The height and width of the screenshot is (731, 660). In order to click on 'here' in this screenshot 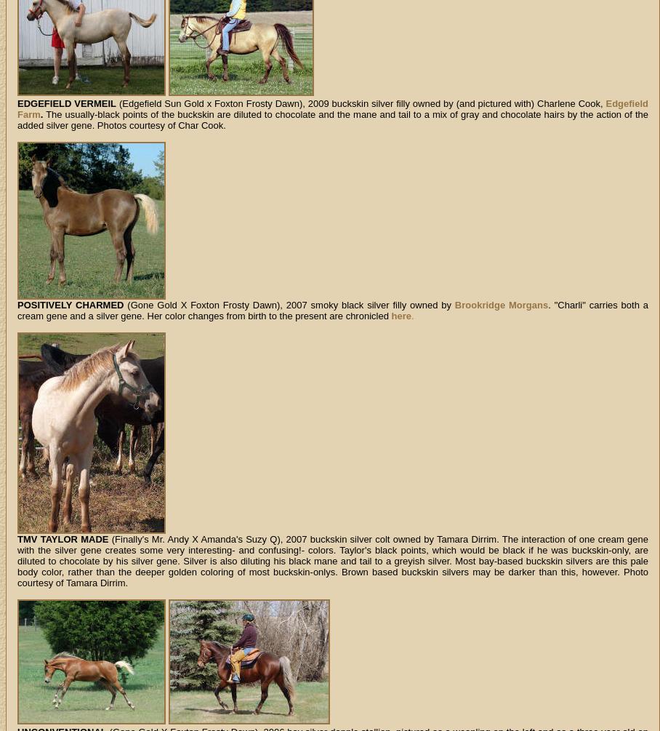, I will do `click(400, 316)`.